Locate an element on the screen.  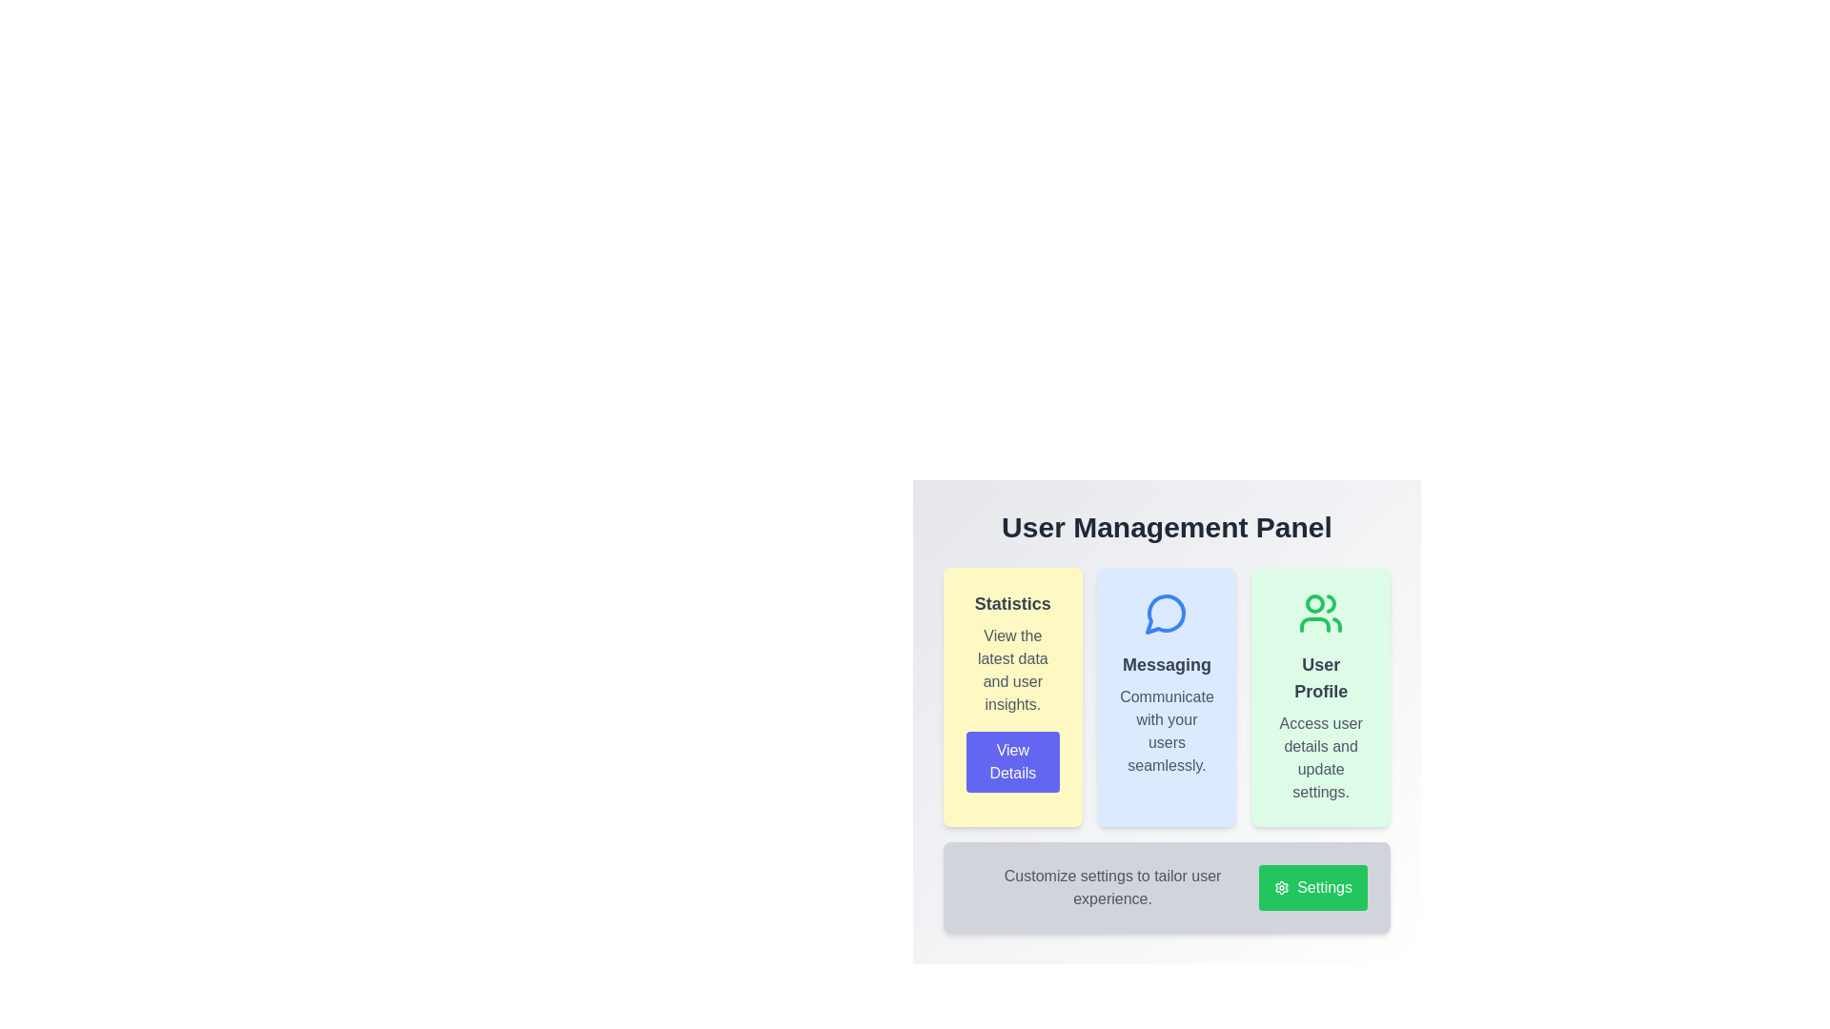
the green SVG icon representing a group of users located at the top center of the 'User Profile' section, which is directly above the 'User Profile' label is located at coordinates (1320, 614).